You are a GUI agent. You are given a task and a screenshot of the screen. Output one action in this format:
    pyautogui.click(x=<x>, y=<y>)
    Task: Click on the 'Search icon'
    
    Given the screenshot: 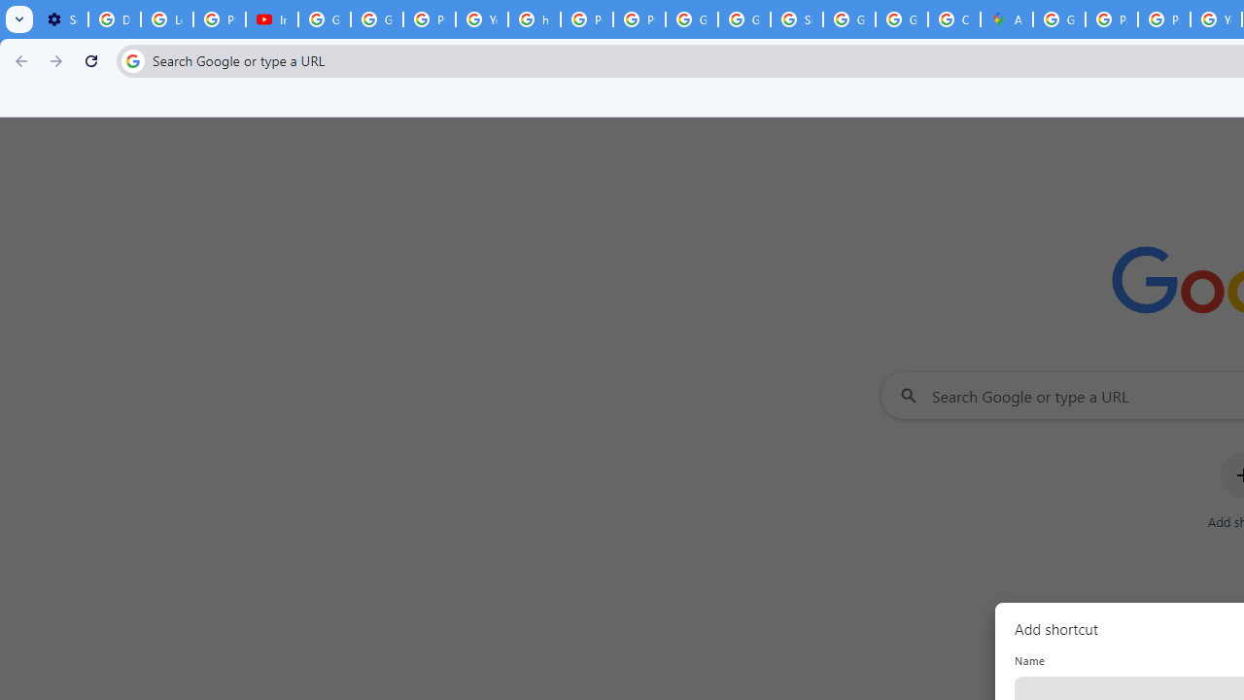 What is the action you would take?
    pyautogui.click(x=131, y=59)
    